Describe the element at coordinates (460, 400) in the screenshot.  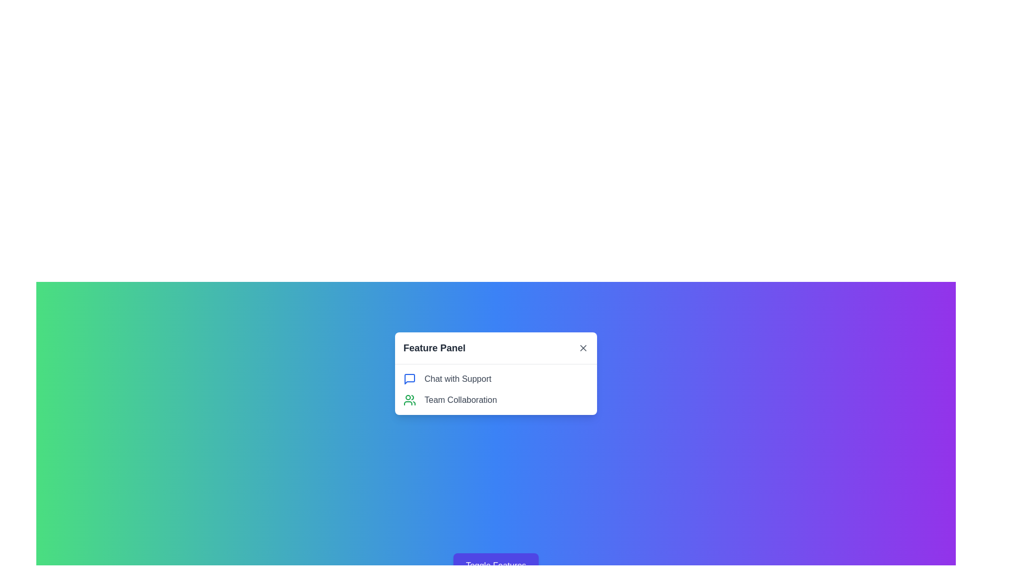
I see `the second Text label in the 'Feature Panel' that describes team collaboration functionalities, located below 'Chat with Support' and aligned to the right of a green user icon` at that location.